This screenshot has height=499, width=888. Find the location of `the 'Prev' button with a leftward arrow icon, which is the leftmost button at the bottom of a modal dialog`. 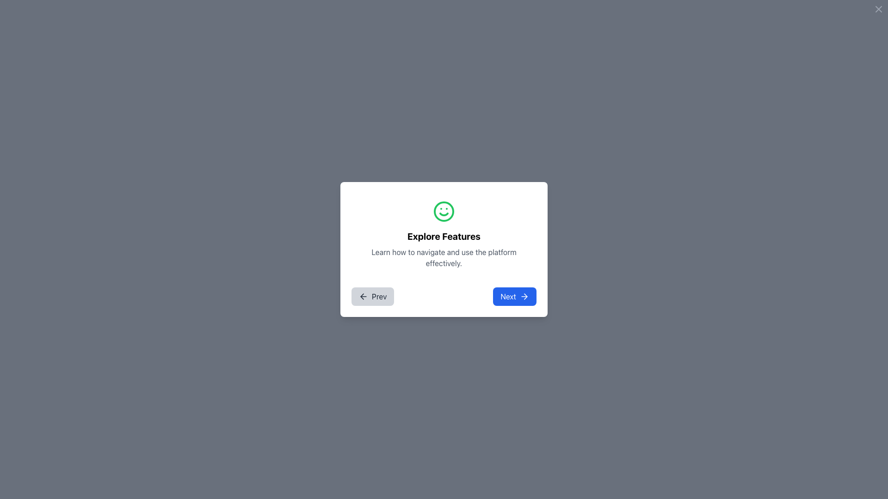

the 'Prev' button with a leftward arrow icon, which is the leftmost button at the bottom of a modal dialog is located at coordinates (373, 296).